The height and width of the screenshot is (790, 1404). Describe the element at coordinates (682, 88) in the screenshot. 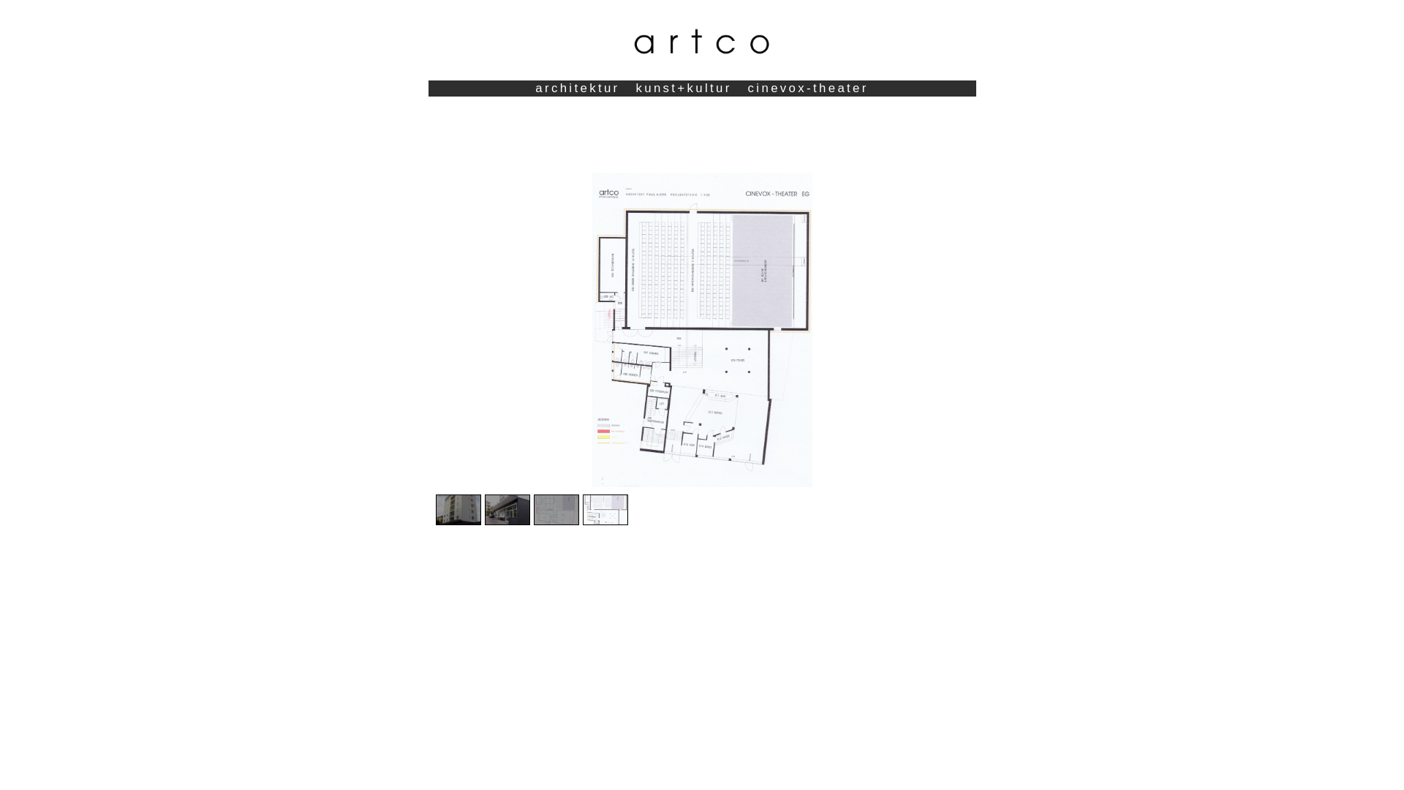

I see `'kunst+kultur'` at that location.